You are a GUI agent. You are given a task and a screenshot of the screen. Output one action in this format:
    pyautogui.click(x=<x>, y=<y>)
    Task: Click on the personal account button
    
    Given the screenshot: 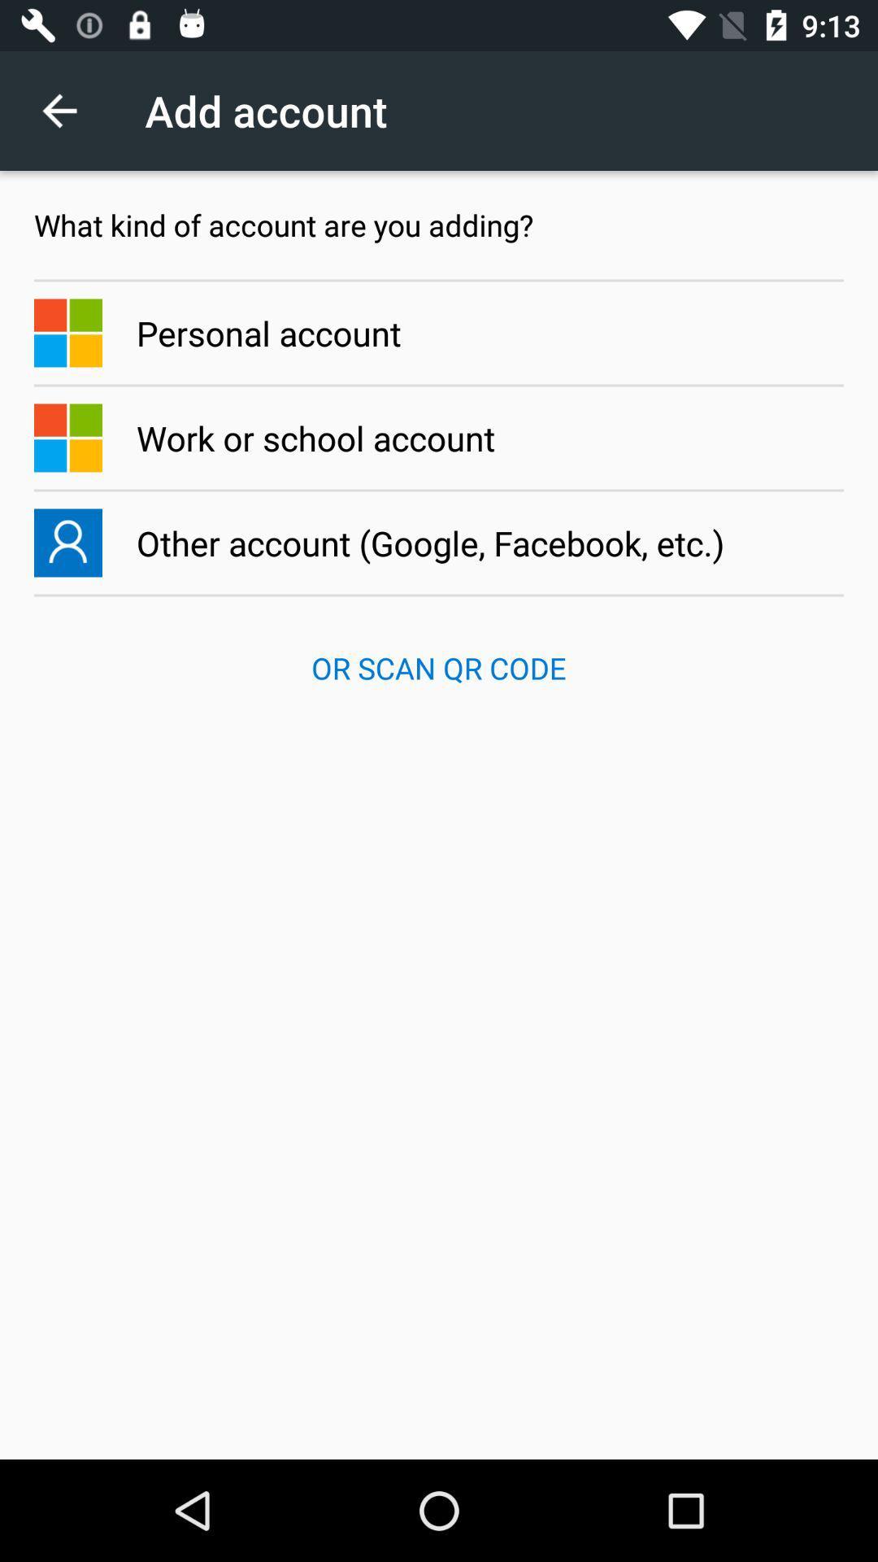 What is the action you would take?
    pyautogui.click(x=439, y=332)
    